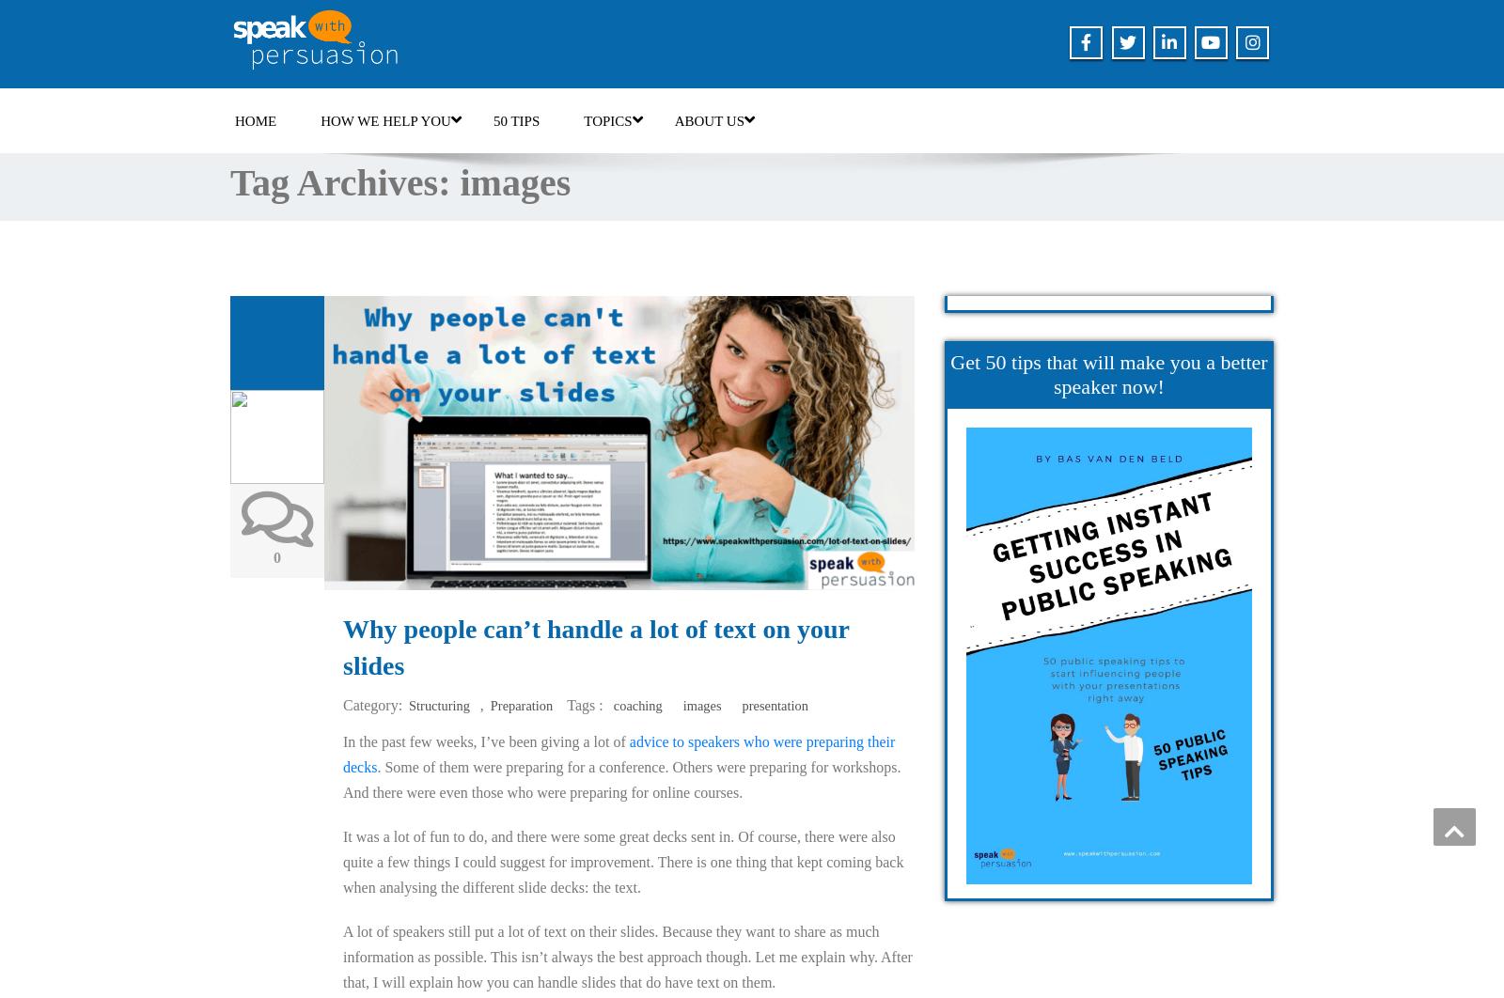 This screenshot has height=998, width=1504. I want to click on '50 Tips', so click(492, 121).